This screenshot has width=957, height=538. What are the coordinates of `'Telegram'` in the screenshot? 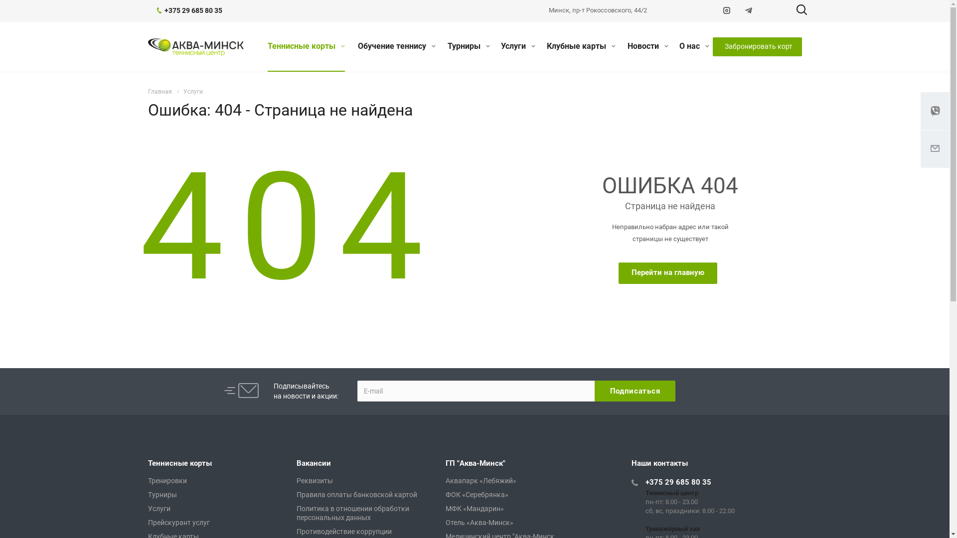 It's located at (749, 11).